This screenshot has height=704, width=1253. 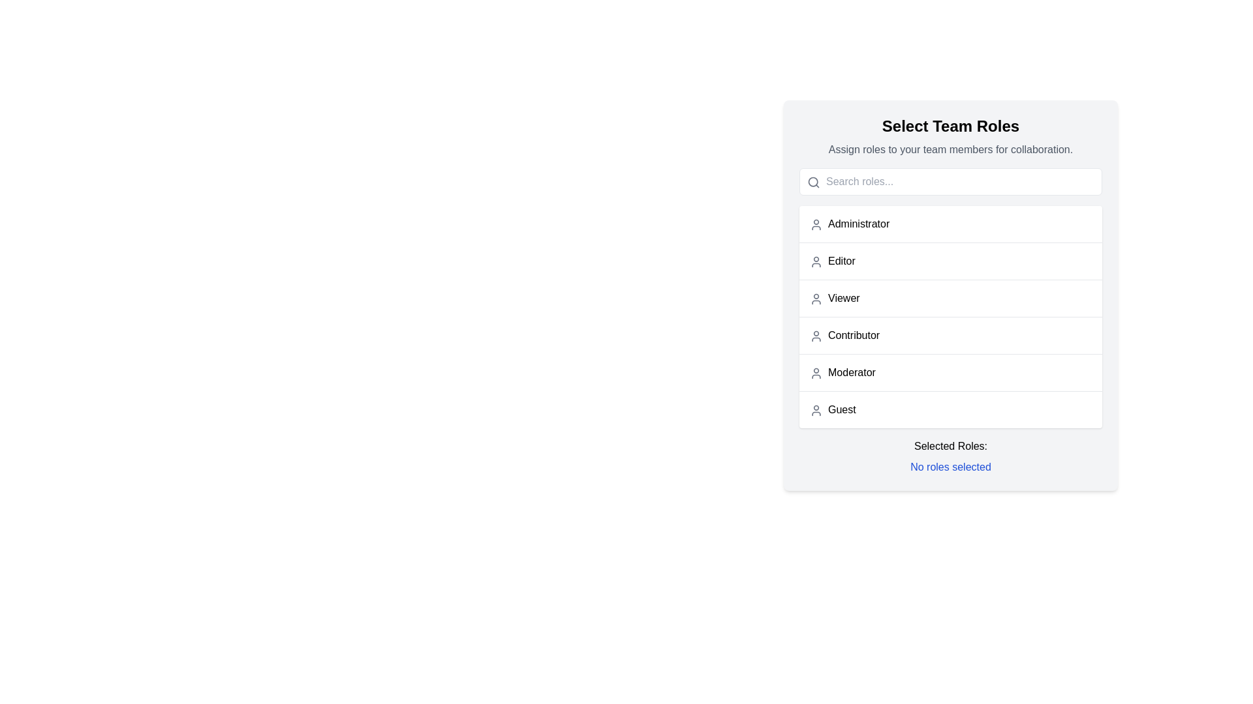 I want to click on the fifth item in the role selection list, so click(x=951, y=372).